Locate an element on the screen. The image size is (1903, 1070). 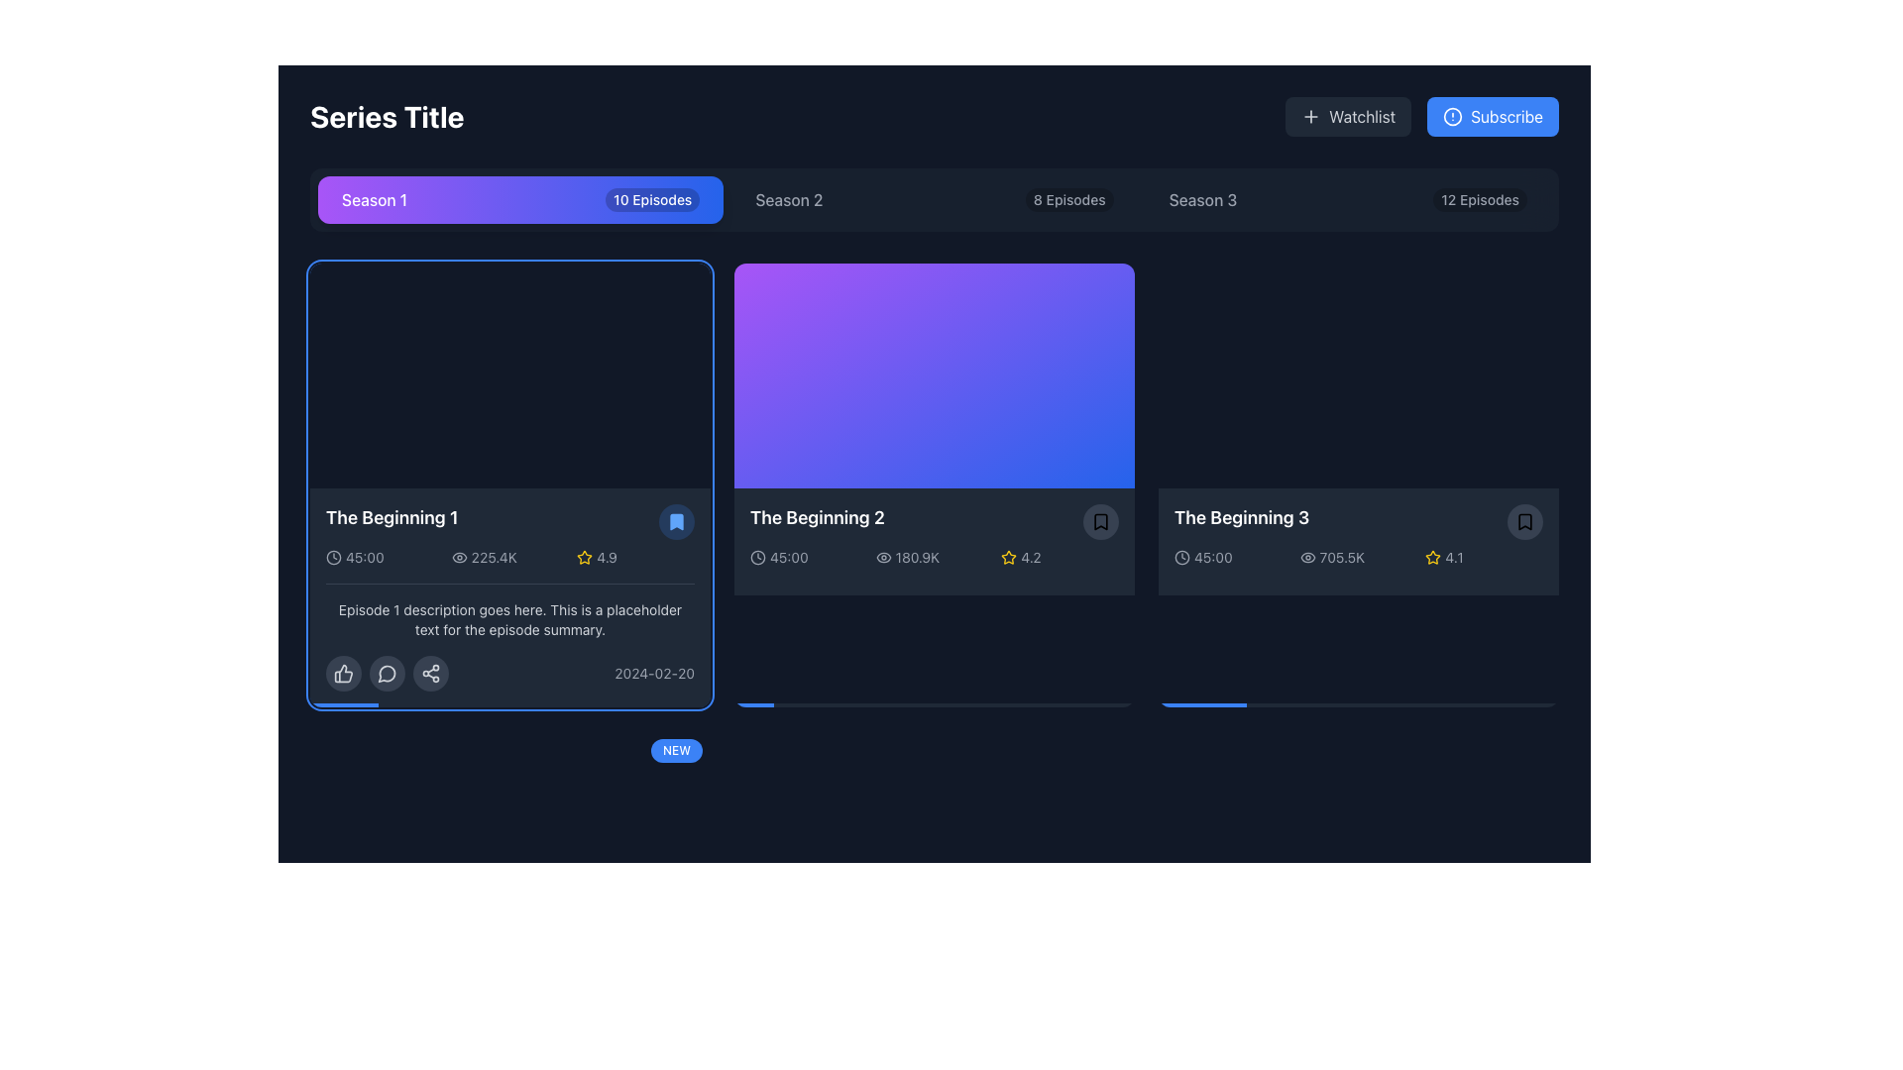
the speech bubble icon representing communication functionality located at the bottom-left of the card for 'The Beginning 1' is located at coordinates (387, 672).